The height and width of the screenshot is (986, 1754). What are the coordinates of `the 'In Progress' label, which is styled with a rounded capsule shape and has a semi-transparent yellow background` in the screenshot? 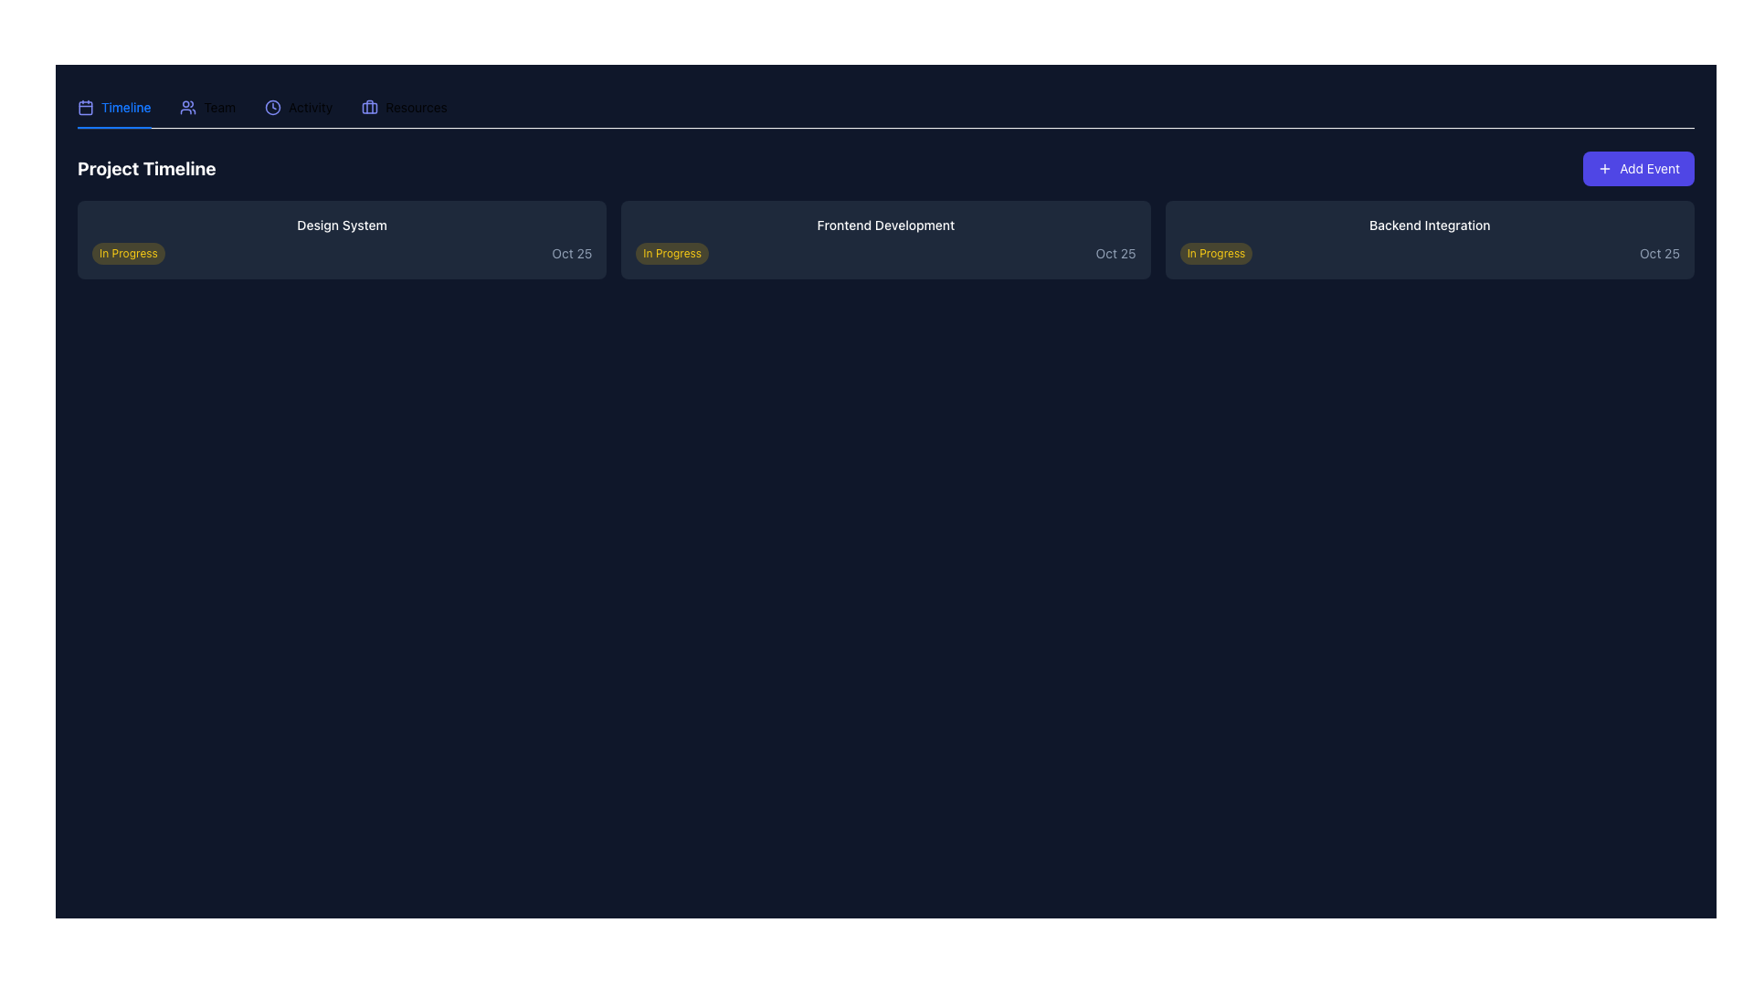 It's located at (671, 253).